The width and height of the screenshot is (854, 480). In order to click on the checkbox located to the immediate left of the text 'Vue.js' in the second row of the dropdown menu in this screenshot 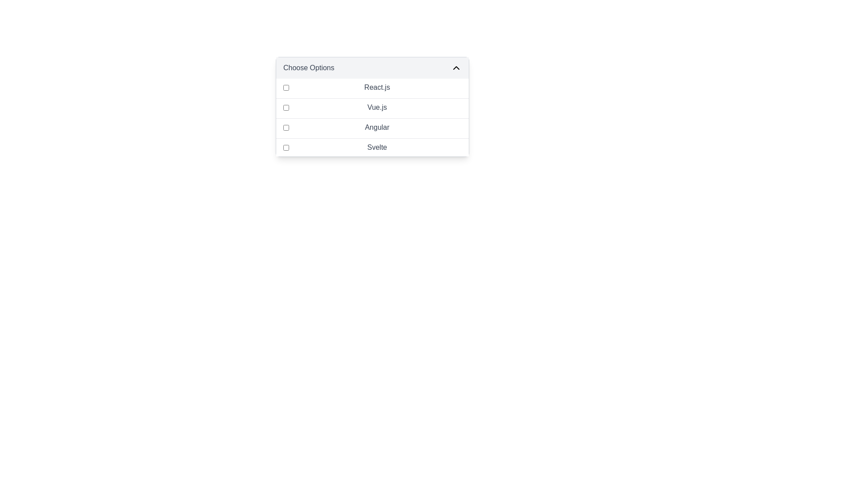, I will do `click(286, 107)`.